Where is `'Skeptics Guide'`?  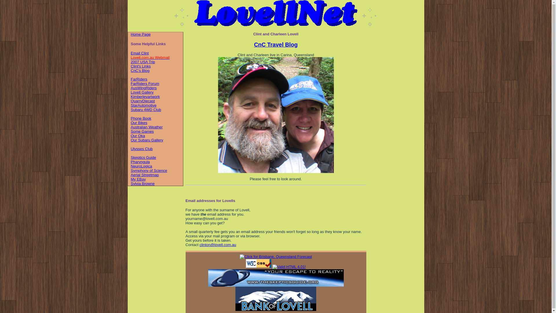
'Skeptics Guide' is located at coordinates (143, 157).